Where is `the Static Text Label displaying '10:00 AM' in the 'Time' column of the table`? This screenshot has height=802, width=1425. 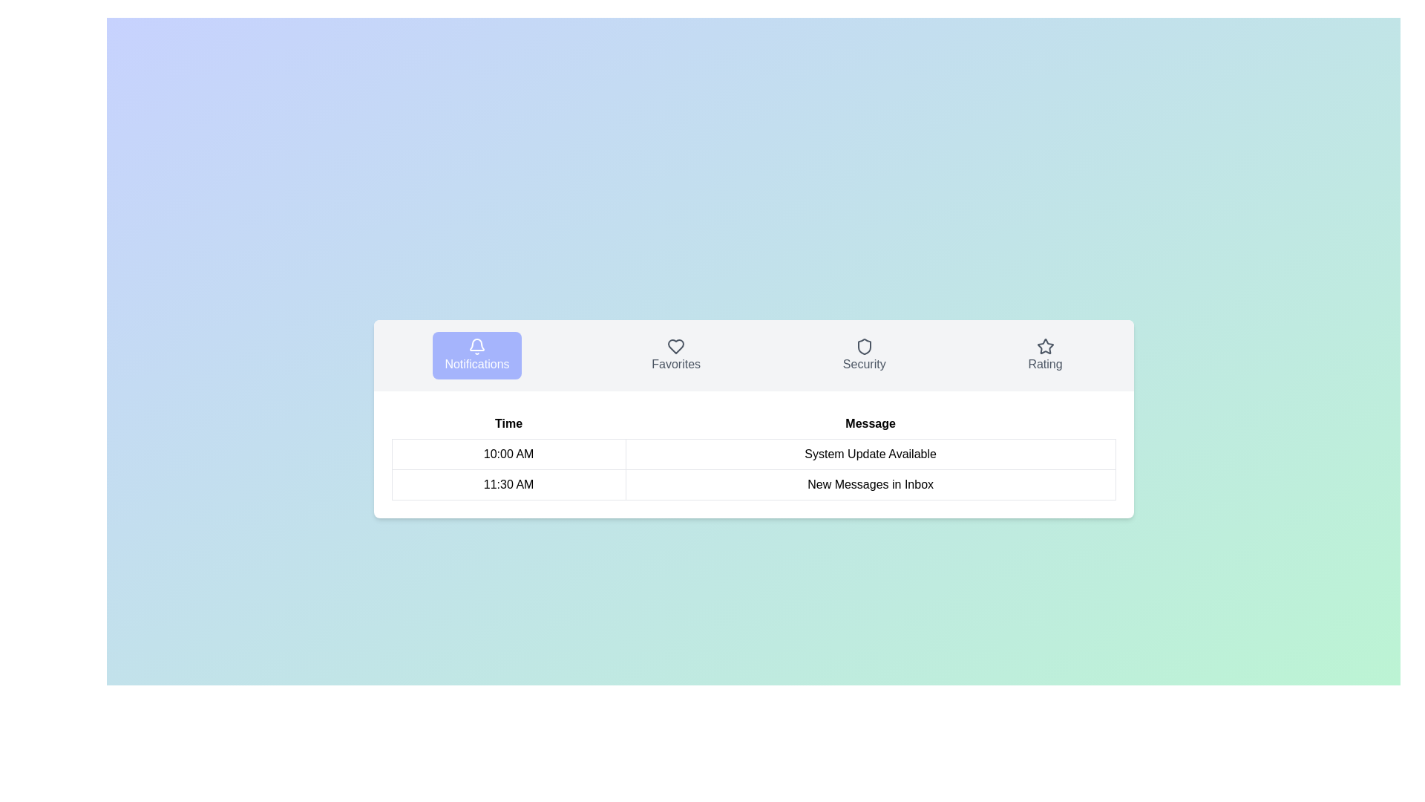
the Static Text Label displaying '10:00 AM' in the 'Time' column of the table is located at coordinates (508, 453).